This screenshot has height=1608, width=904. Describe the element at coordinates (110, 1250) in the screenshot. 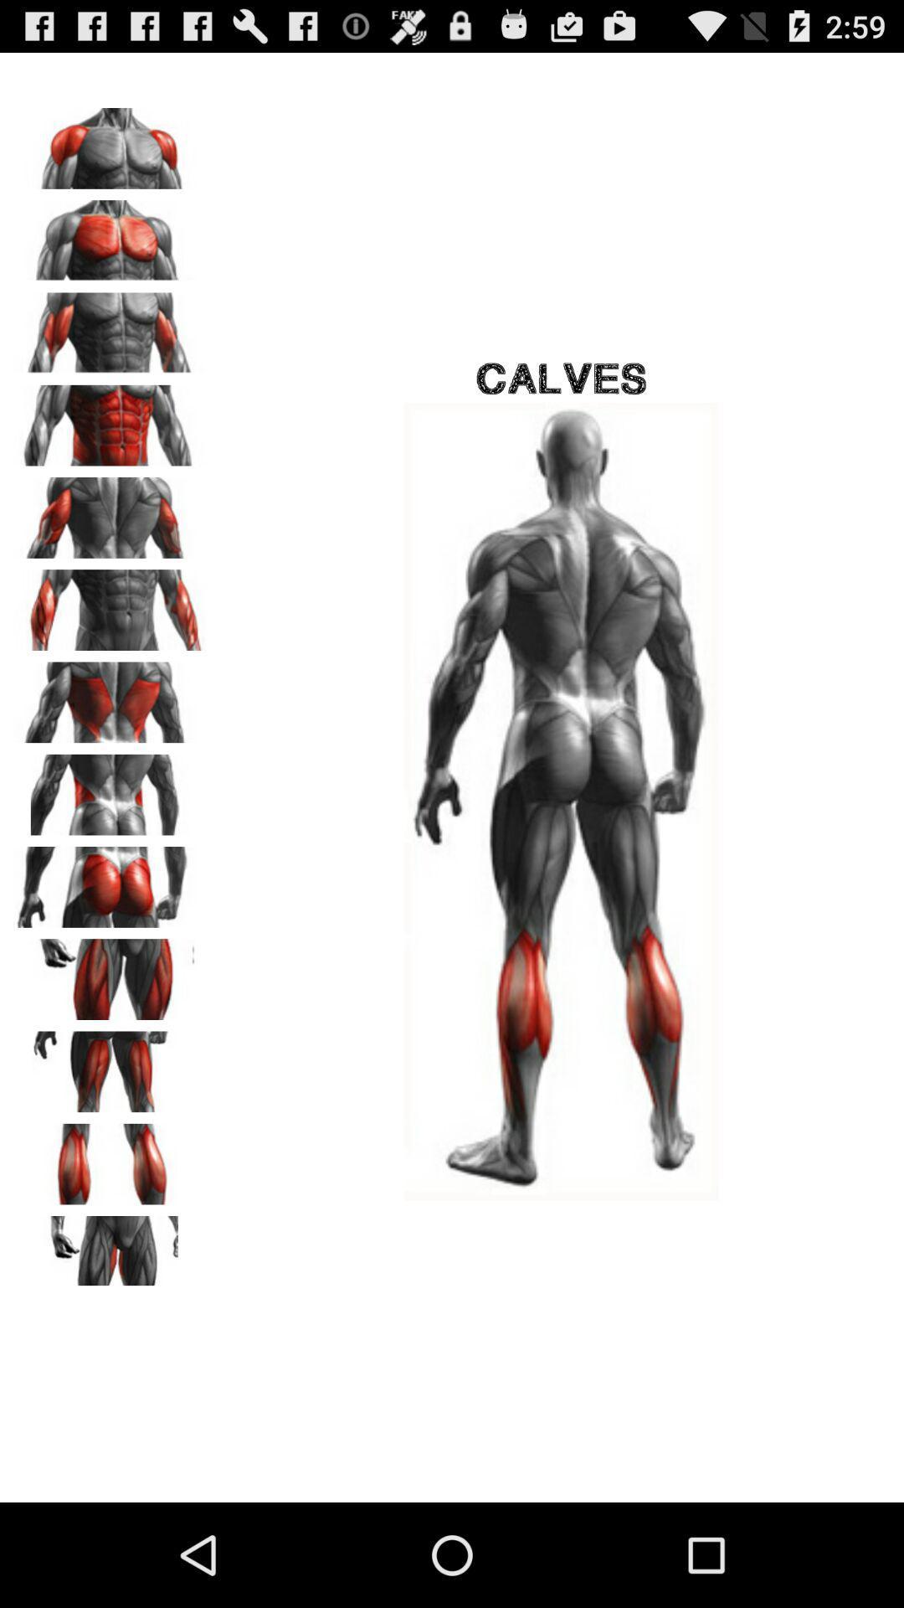

I see `exercise` at that location.